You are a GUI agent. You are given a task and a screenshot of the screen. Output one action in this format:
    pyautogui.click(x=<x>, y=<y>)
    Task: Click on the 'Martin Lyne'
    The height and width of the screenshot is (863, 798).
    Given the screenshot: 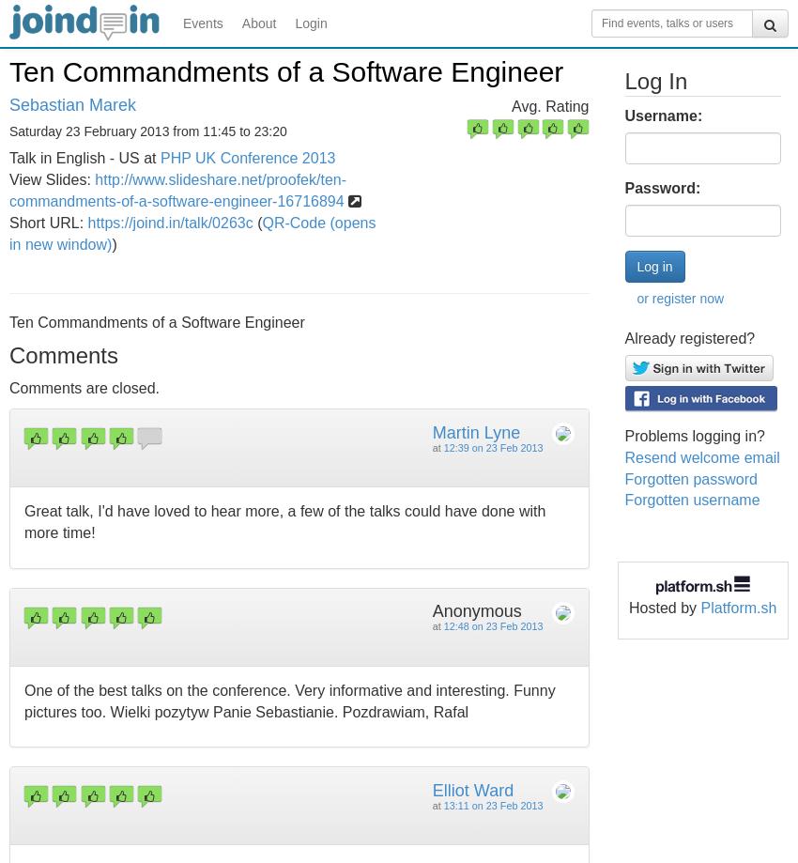 What is the action you would take?
    pyautogui.click(x=476, y=431)
    